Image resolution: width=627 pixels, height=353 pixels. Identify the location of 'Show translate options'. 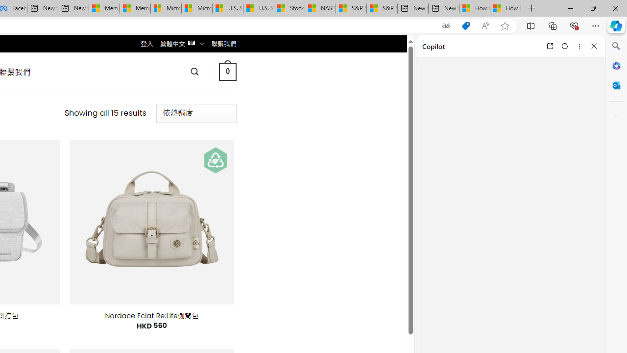
(445, 25).